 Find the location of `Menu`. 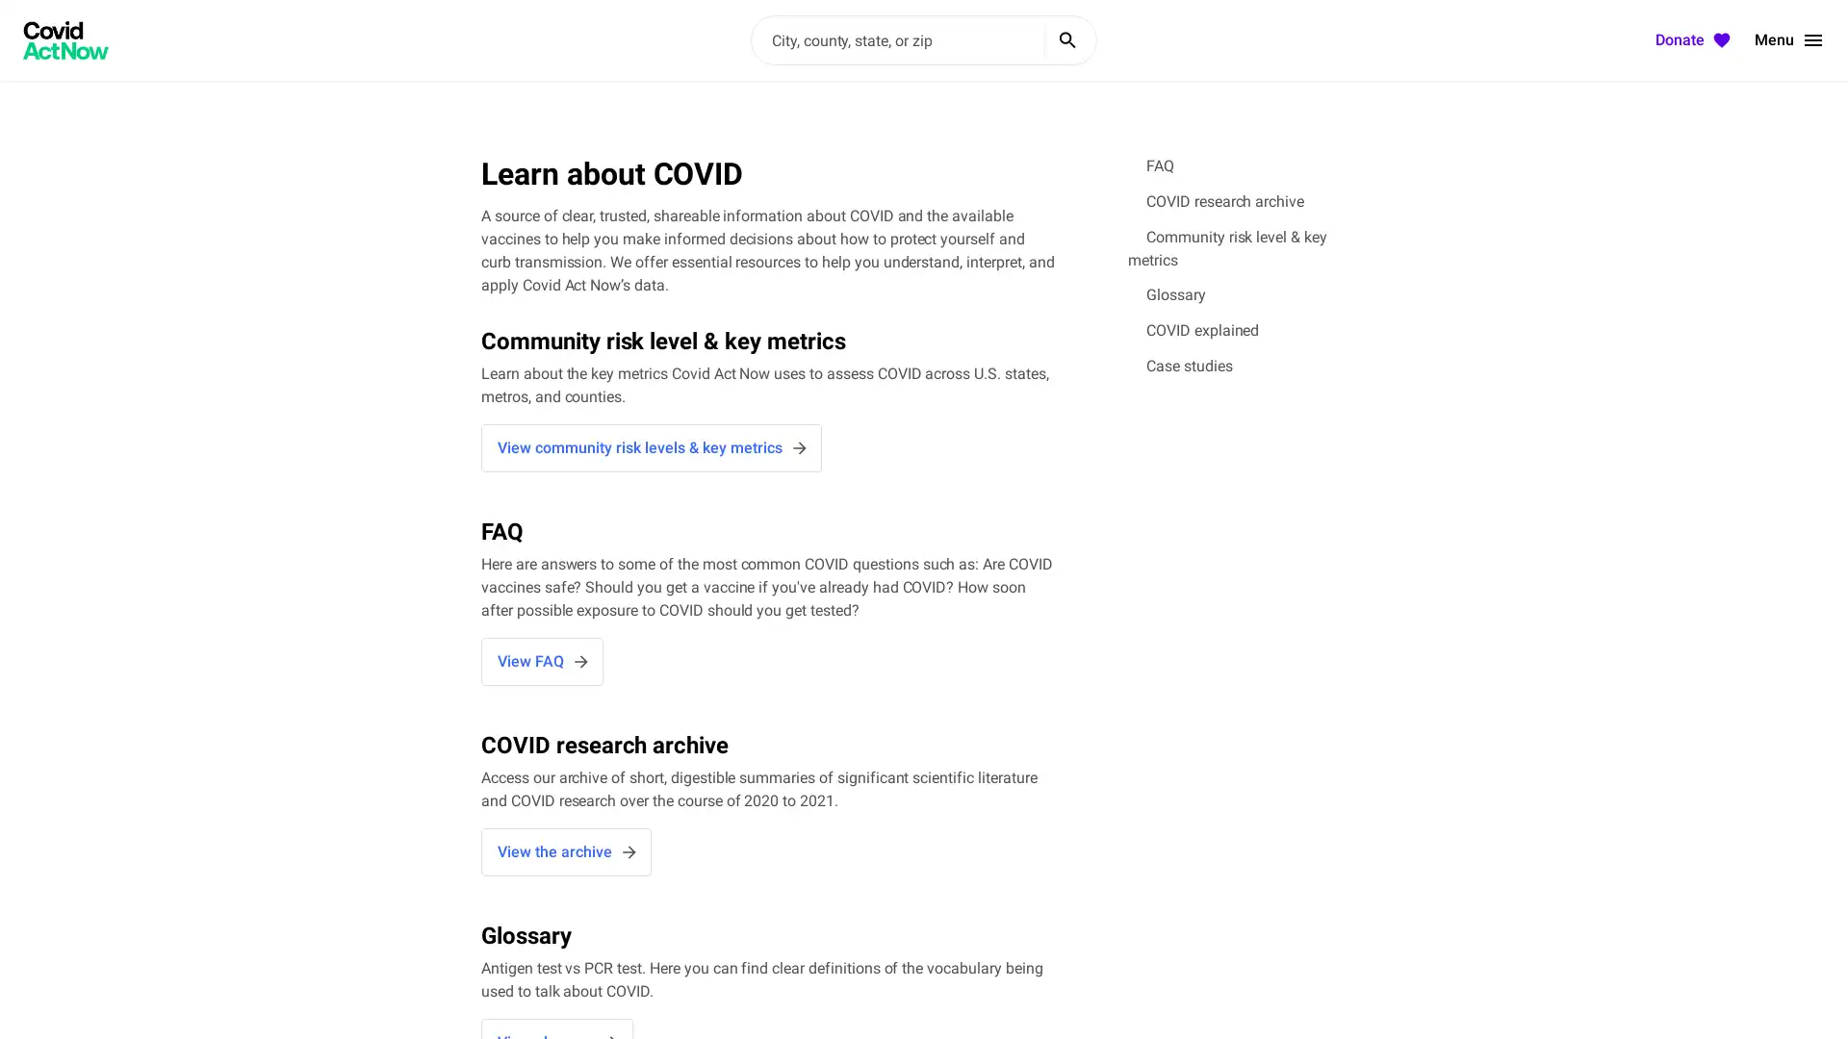

Menu is located at coordinates (1788, 40).